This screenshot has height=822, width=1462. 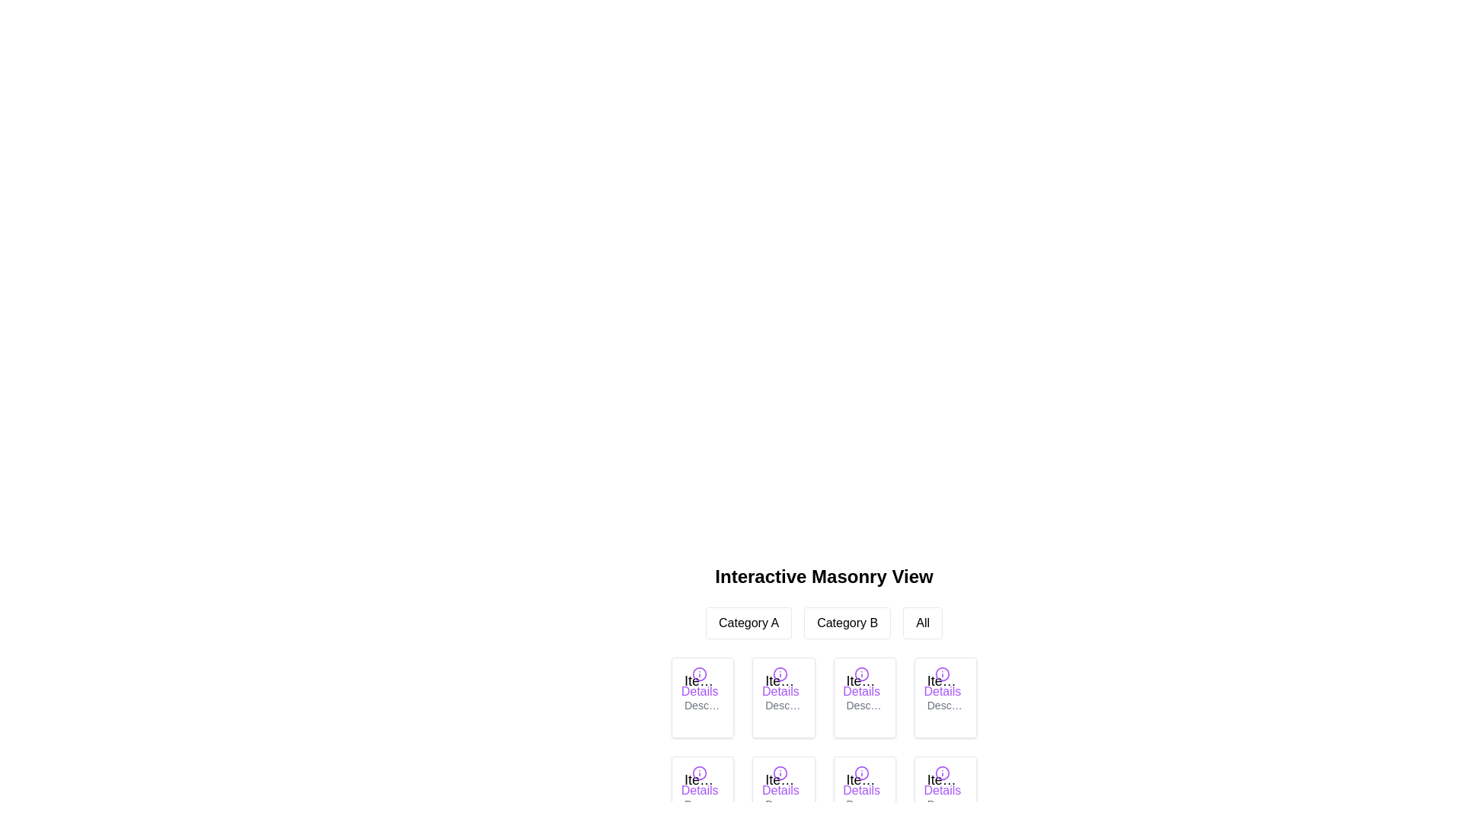 I want to click on the bold, medium-sized static text displaying 'Item 1', so click(x=702, y=680).